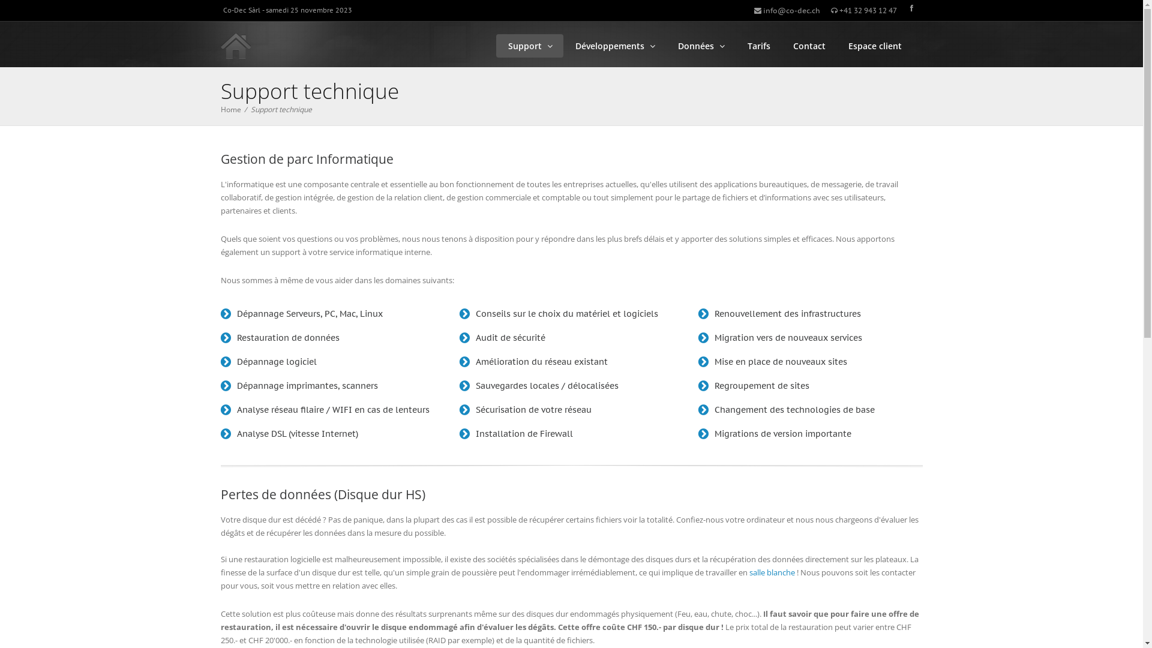 The image size is (1152, 648). Describe the element at coordinates (757, 45) in the screenshot. I see `'Tarifs'` at that location.